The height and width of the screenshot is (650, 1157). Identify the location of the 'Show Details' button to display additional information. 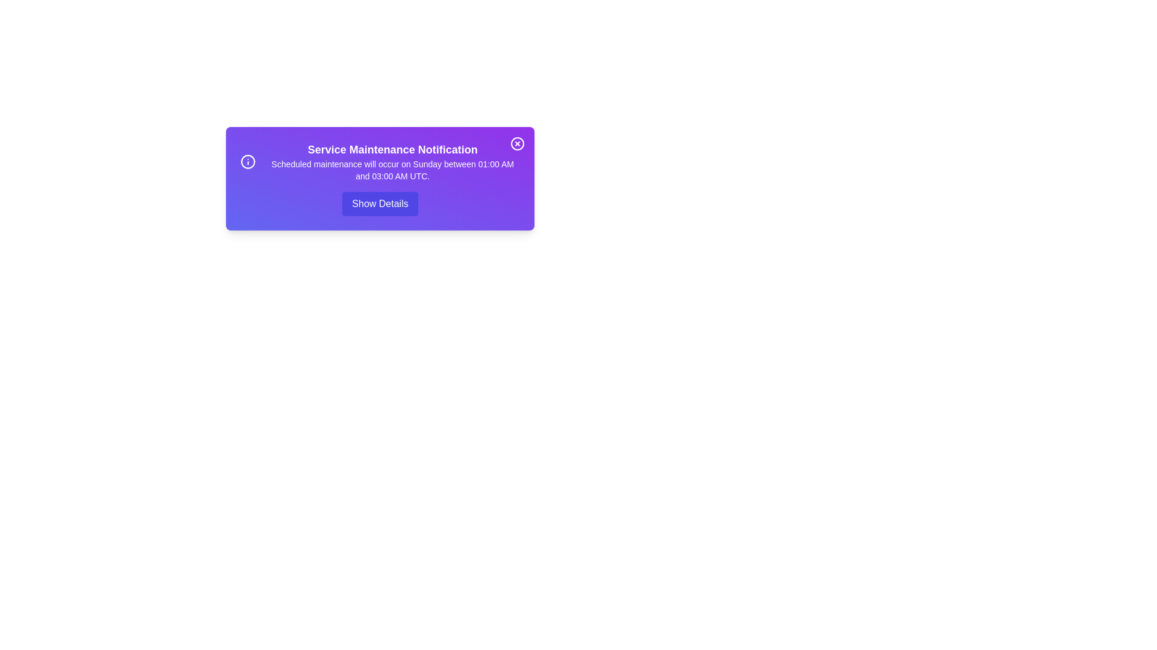
(379, 203).